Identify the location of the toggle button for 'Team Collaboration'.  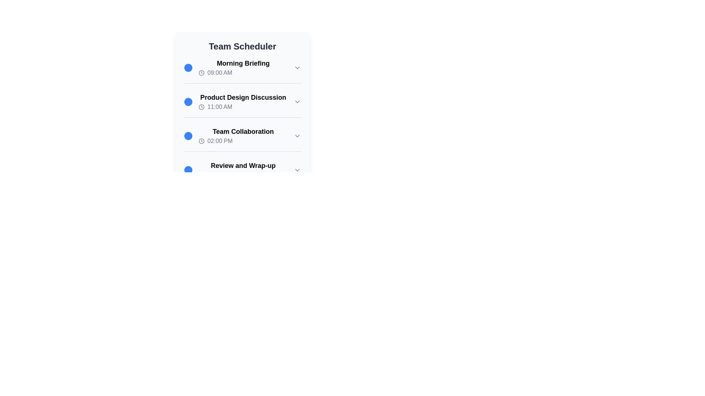
(297, 136).